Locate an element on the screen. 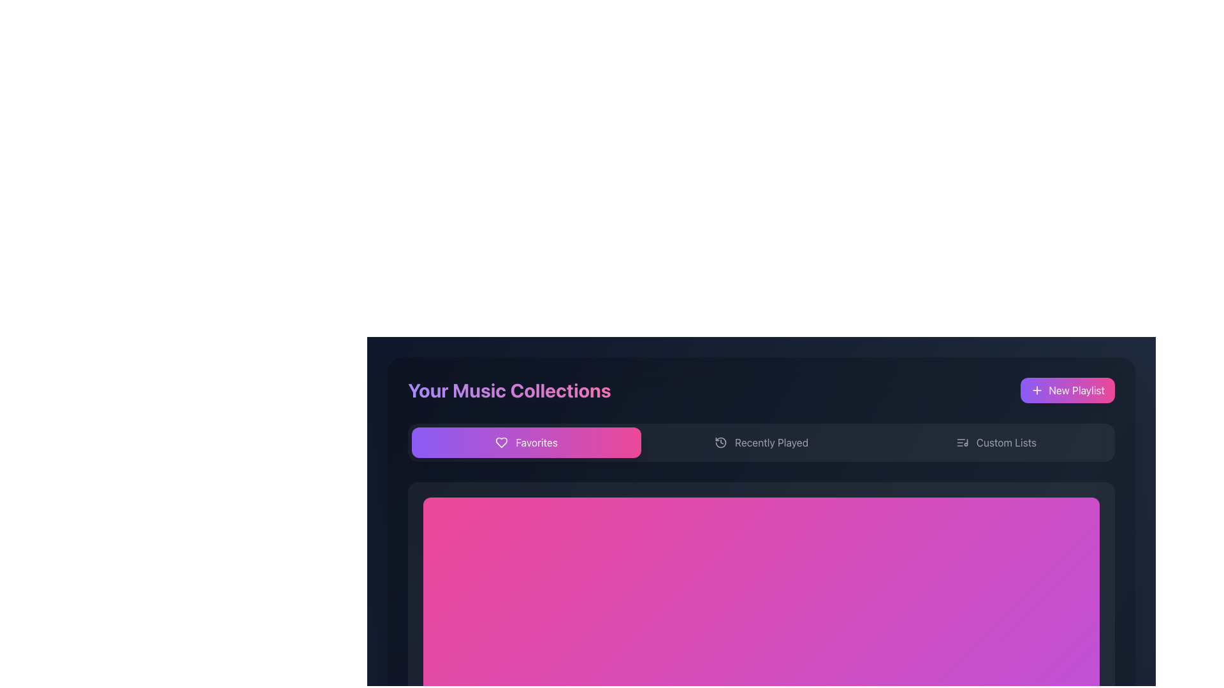  the 'Create New Playlist' button located in the top-right corner of the 'Your Music Collections' section is located at coordinates (1068, 390).